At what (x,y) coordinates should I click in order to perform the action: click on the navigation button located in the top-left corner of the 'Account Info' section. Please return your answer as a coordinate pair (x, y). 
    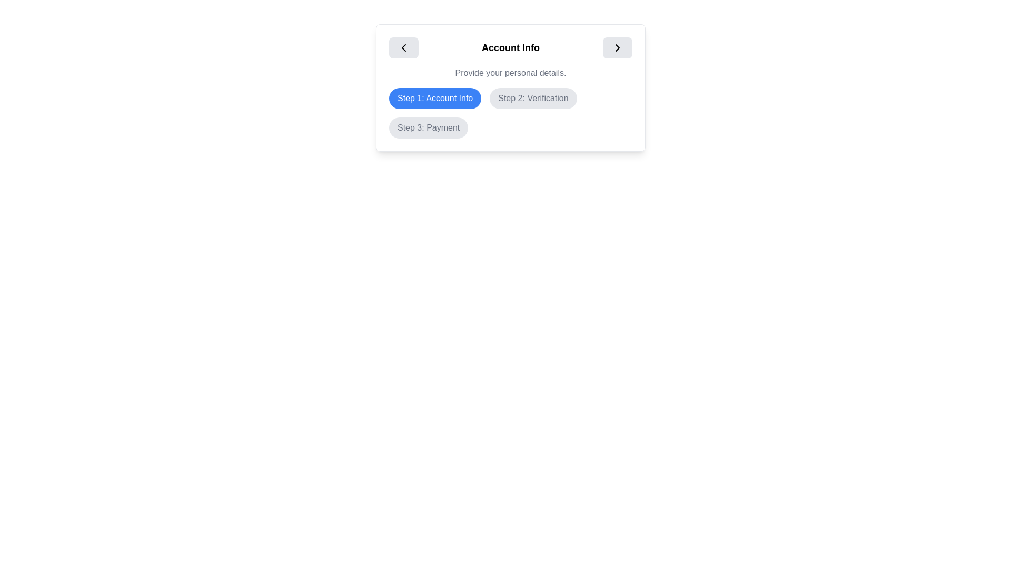
    Looking at the image, I should click on (403, 48).